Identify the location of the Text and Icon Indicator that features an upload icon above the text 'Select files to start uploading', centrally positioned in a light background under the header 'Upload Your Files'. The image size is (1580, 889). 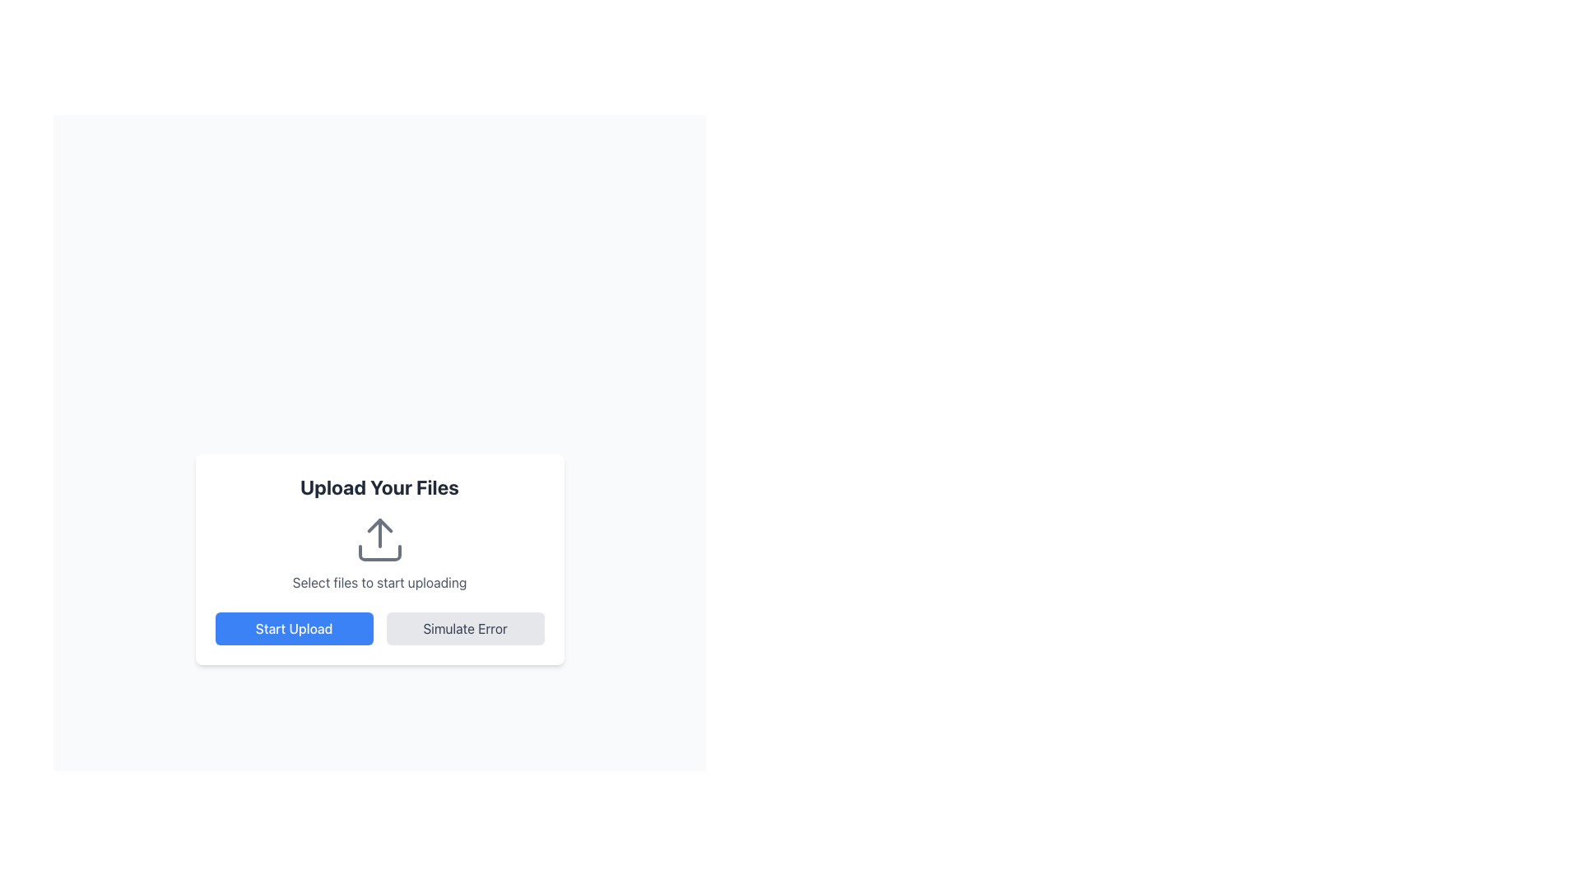
(379, 552).